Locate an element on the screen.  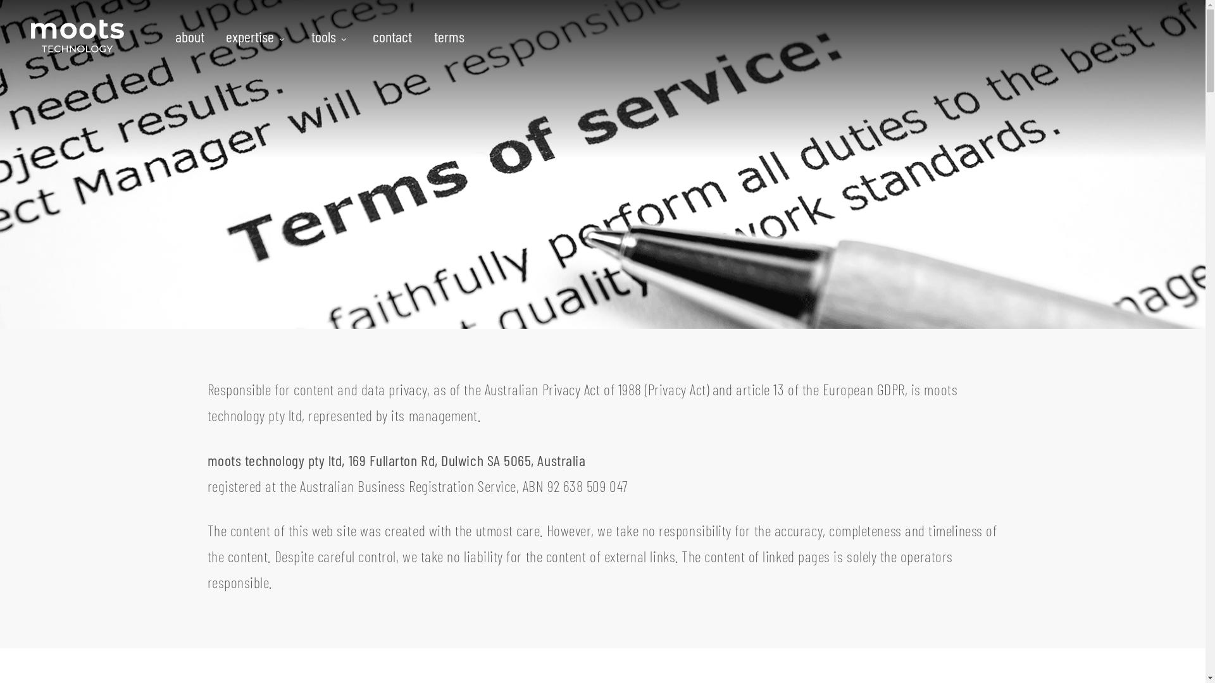
'terms' is located at coordinates (444, 35).